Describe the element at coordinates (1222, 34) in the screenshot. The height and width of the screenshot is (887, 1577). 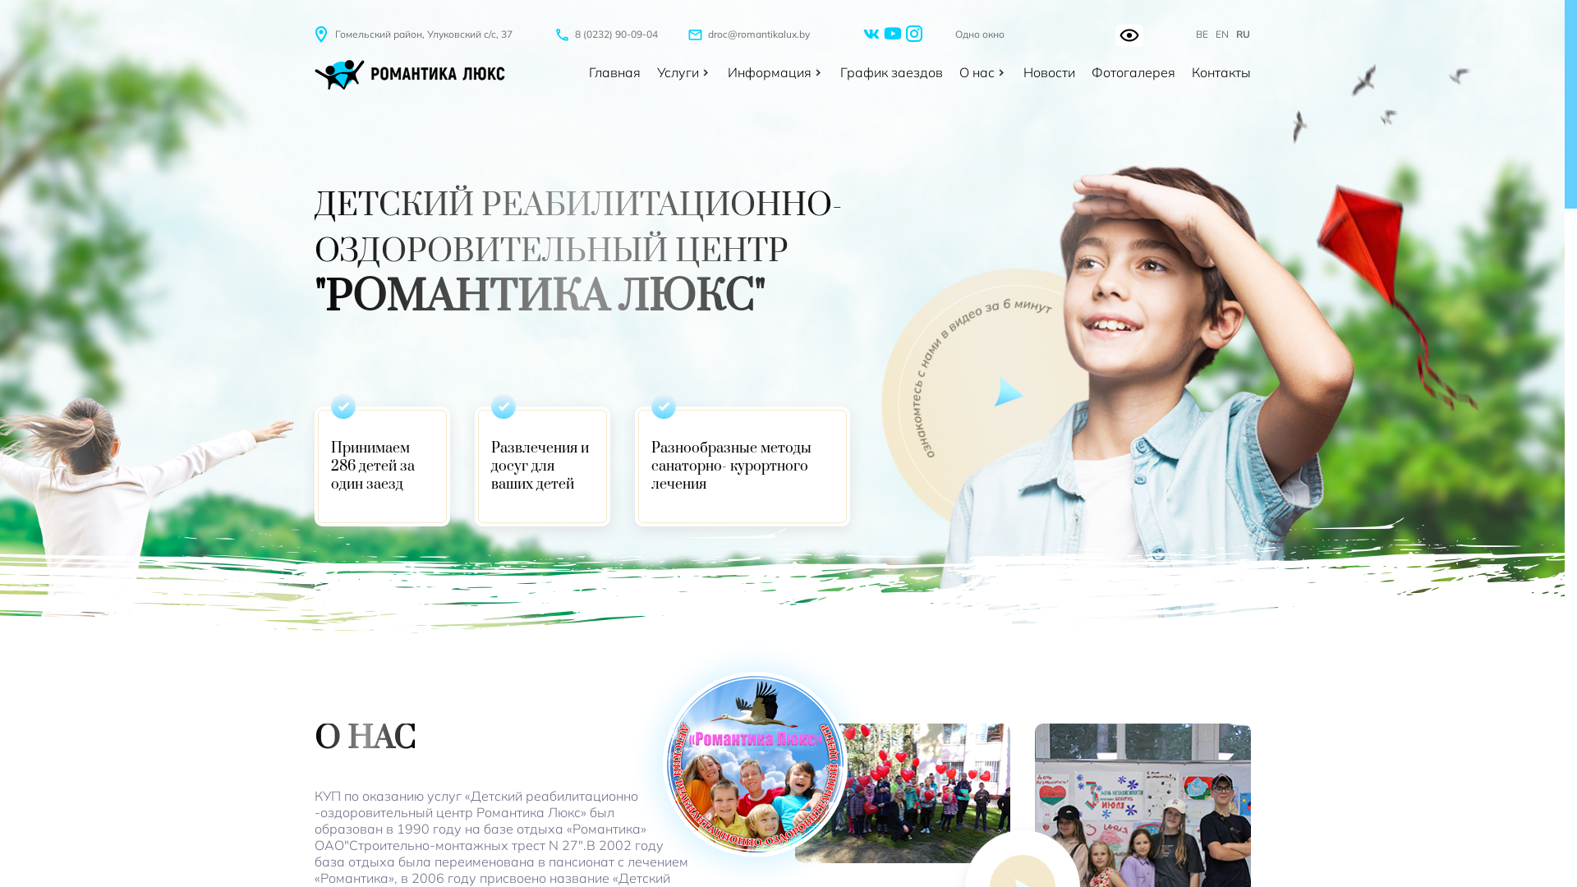
I see `'EN'` at that location.